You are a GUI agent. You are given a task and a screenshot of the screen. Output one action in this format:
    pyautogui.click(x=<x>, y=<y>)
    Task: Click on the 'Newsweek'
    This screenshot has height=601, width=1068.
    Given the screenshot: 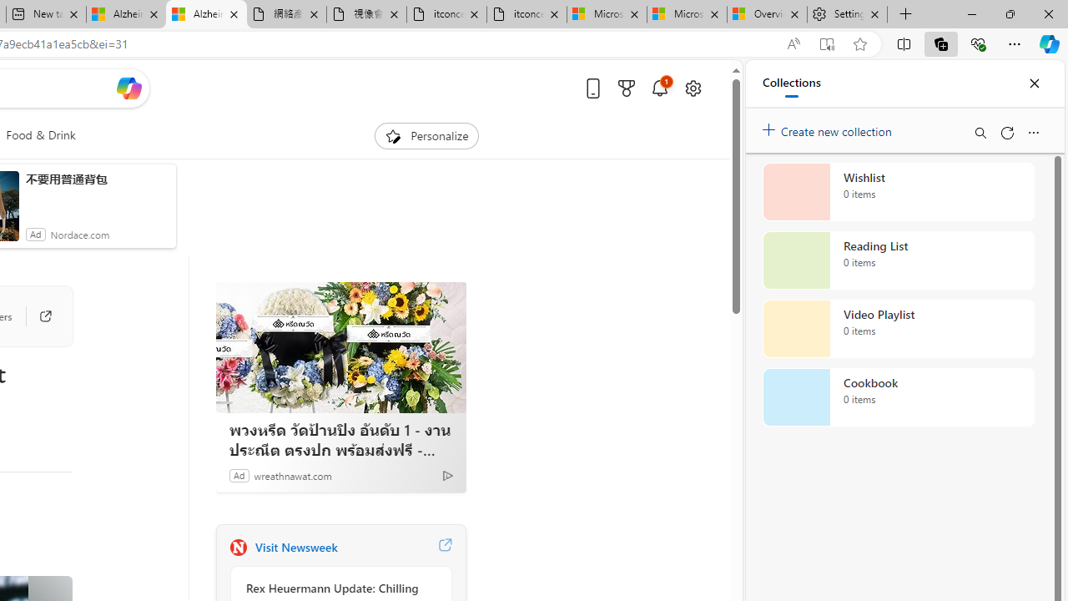 What is the action you would take?
    pyautogui.click(x=237, y=547)
    